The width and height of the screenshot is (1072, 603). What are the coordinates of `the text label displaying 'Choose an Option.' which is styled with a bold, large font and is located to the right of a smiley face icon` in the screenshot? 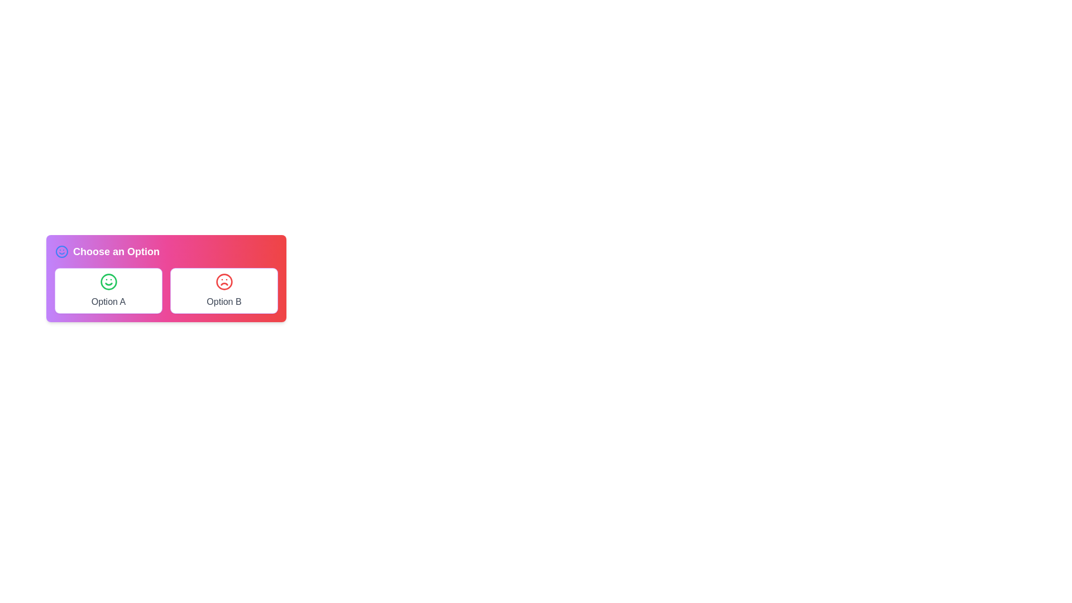 It's located at (116, 252).